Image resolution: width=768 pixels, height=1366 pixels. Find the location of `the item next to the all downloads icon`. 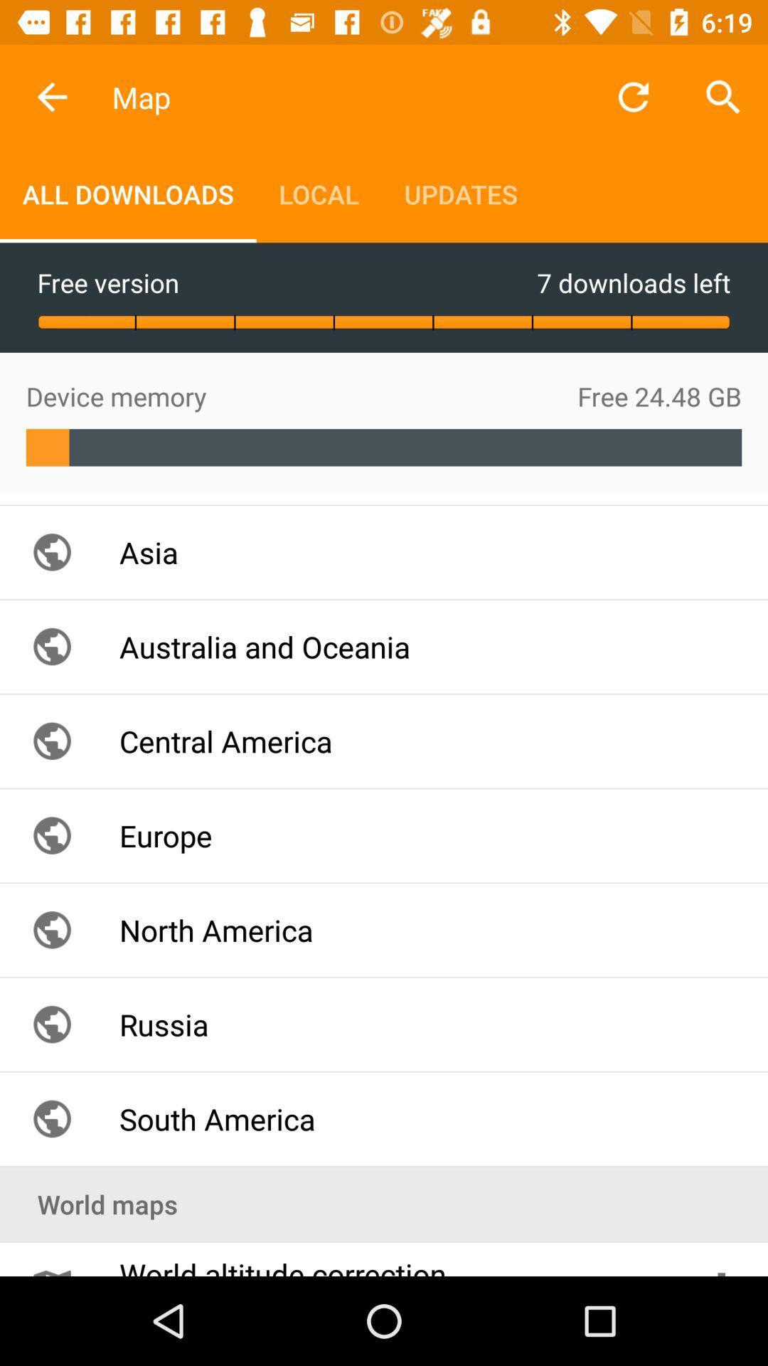

the item next to the all downloads icon is located at coordinates (318, 194).